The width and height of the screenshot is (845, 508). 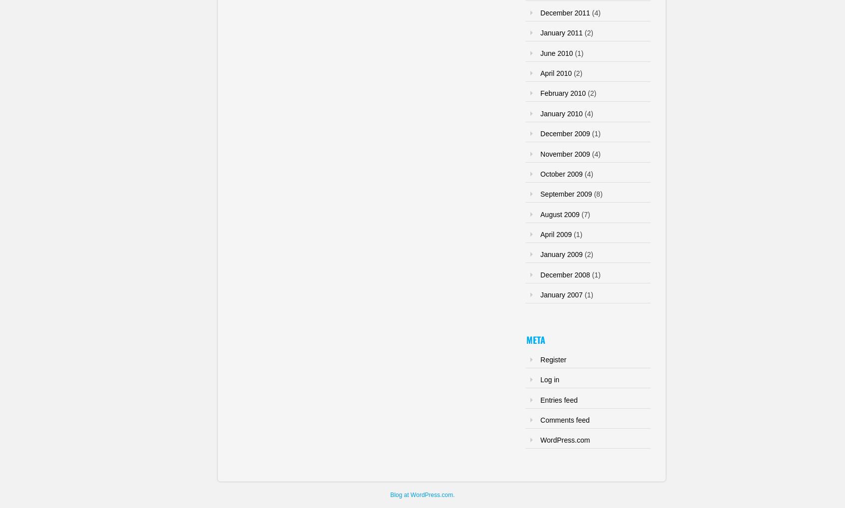 I want to click on 'January 2011', so click(x=561, y=32).